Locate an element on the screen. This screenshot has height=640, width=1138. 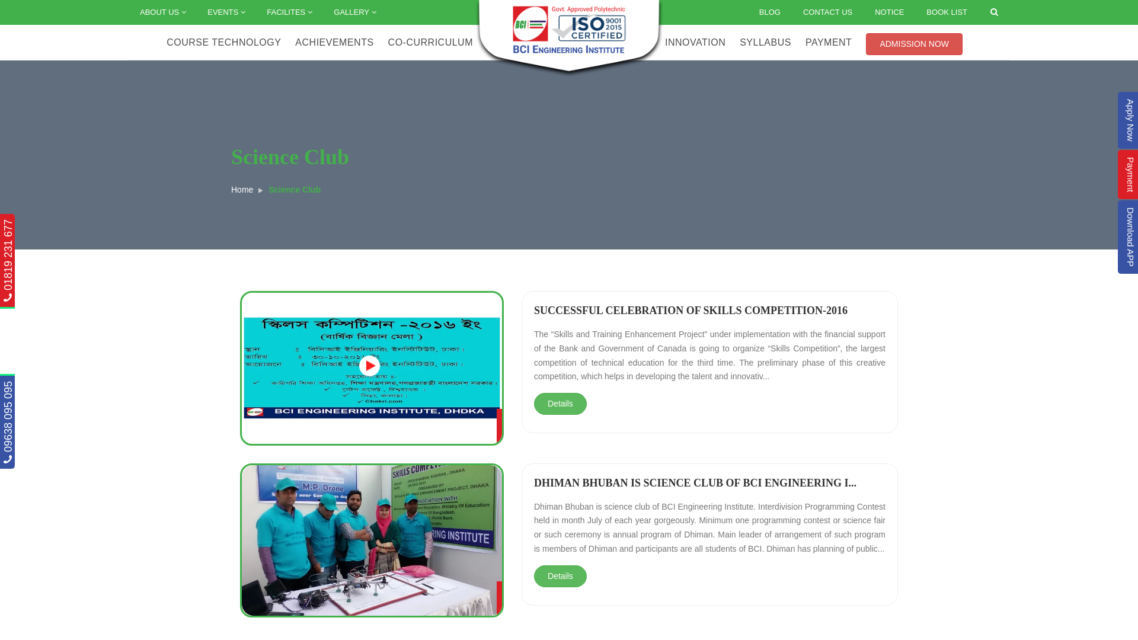
'EVENTS' is located at coordinates (196, 12).